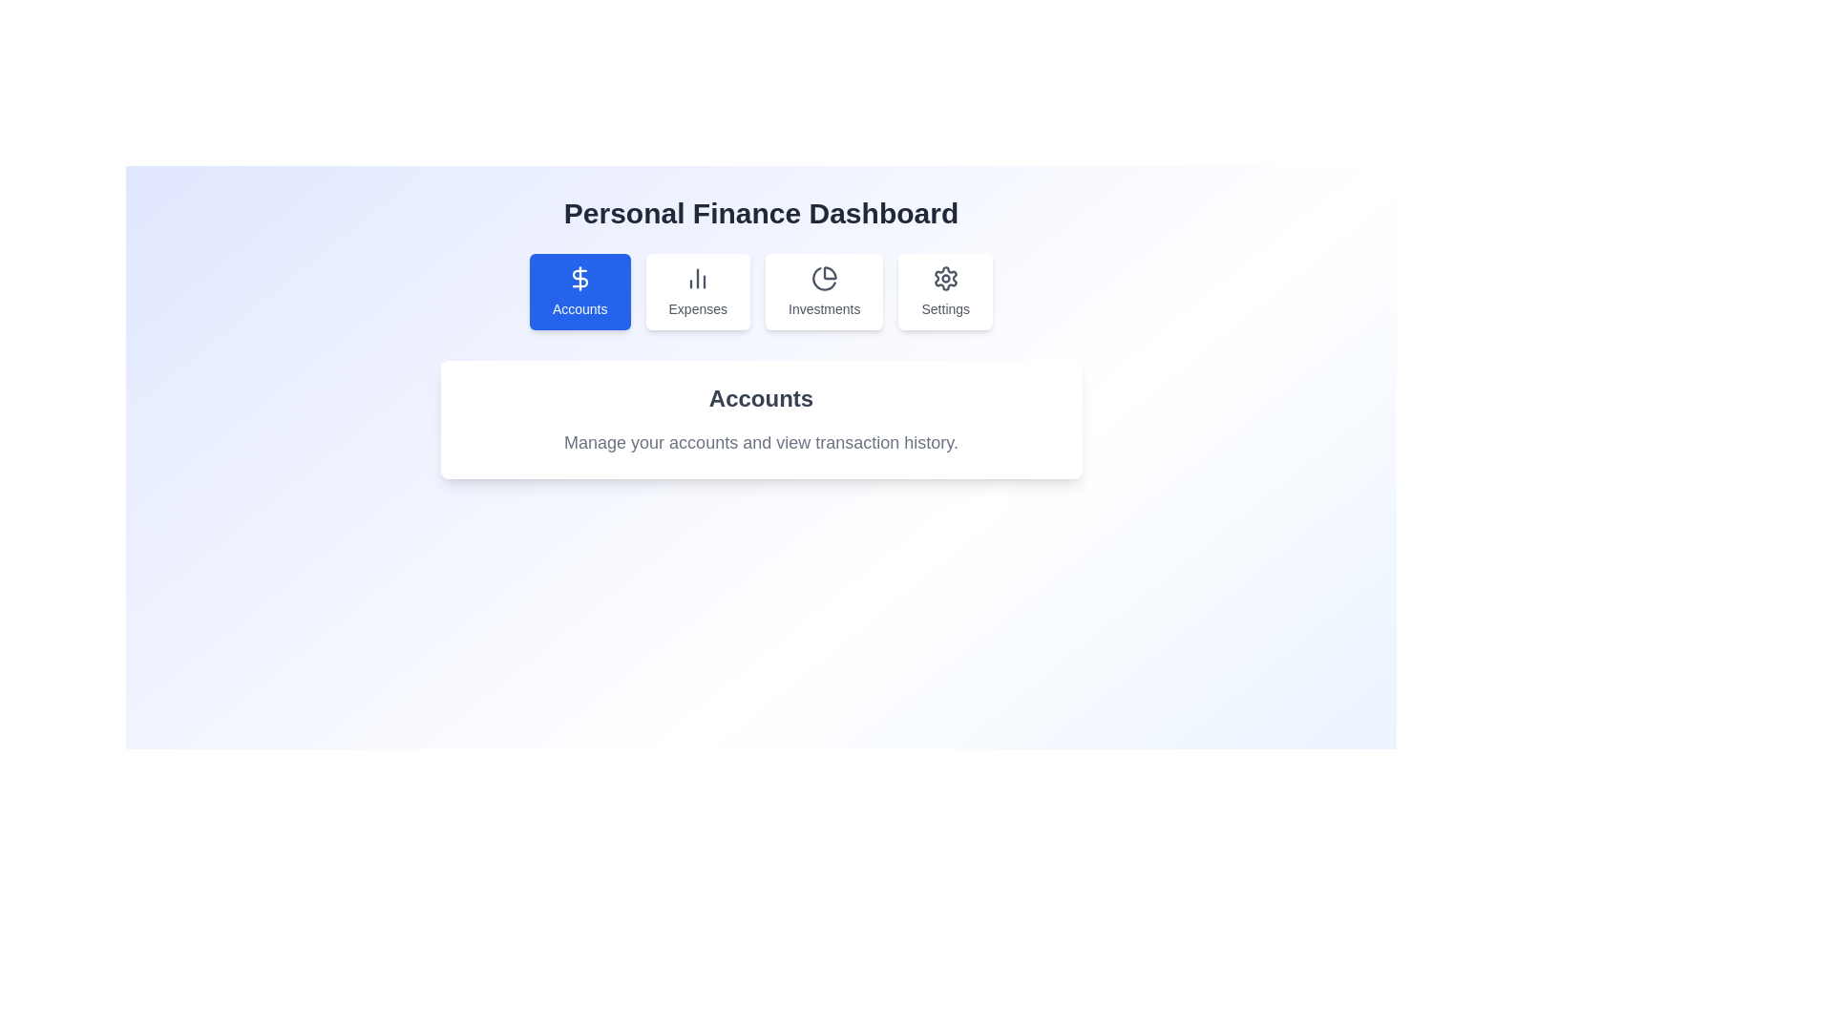 This screenshot has height=1031, width=1833. Describe the element at coordinates (945, 279) in the screenshot. I see `the settings icon, which is the fourth button in the top menu bar, representing configuration or preferences` at that location.